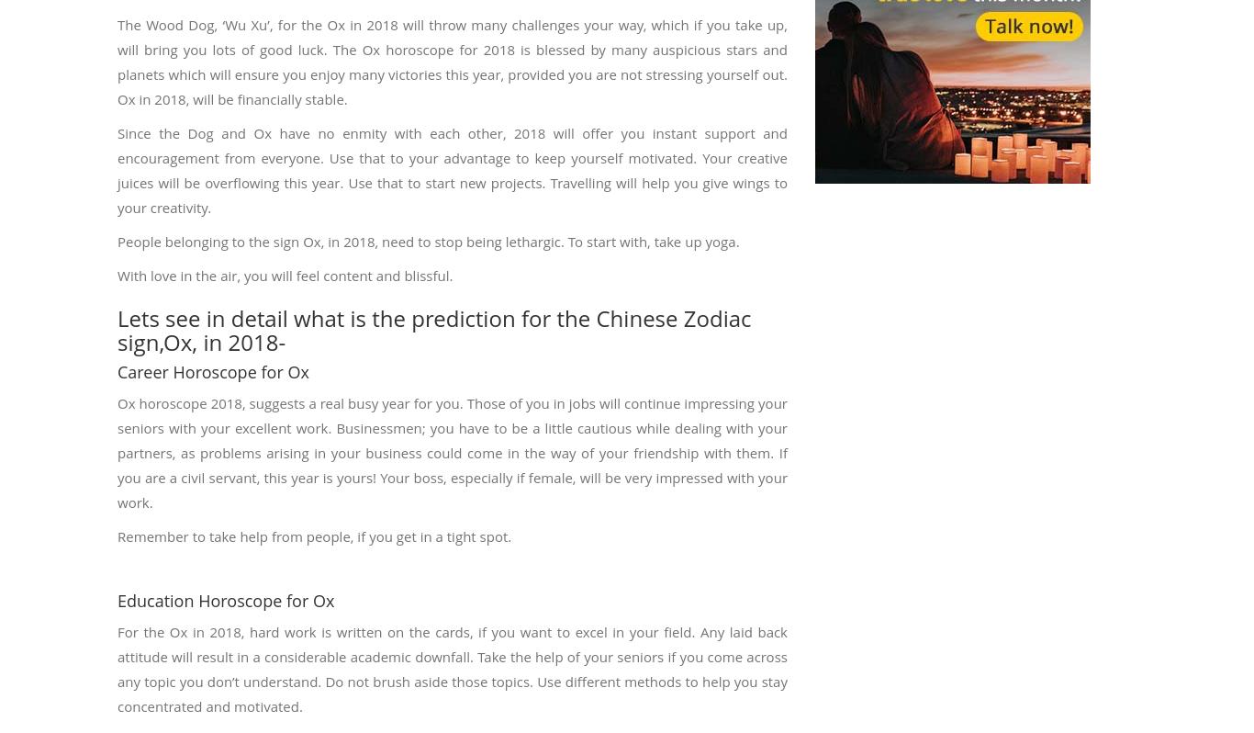 The height and width of the screenshot is (733, 1254). I want to click on 'Since the Dog and Ox have no enmity with each other, 2018 will offer you instant support and encouragement from everyone. Use that to your advantage to keep yourself motivated. Your creative juices will be overflowing this year. Use that to start new projects. Travelling will help you give wings to your creativity.', so click(116, 168).